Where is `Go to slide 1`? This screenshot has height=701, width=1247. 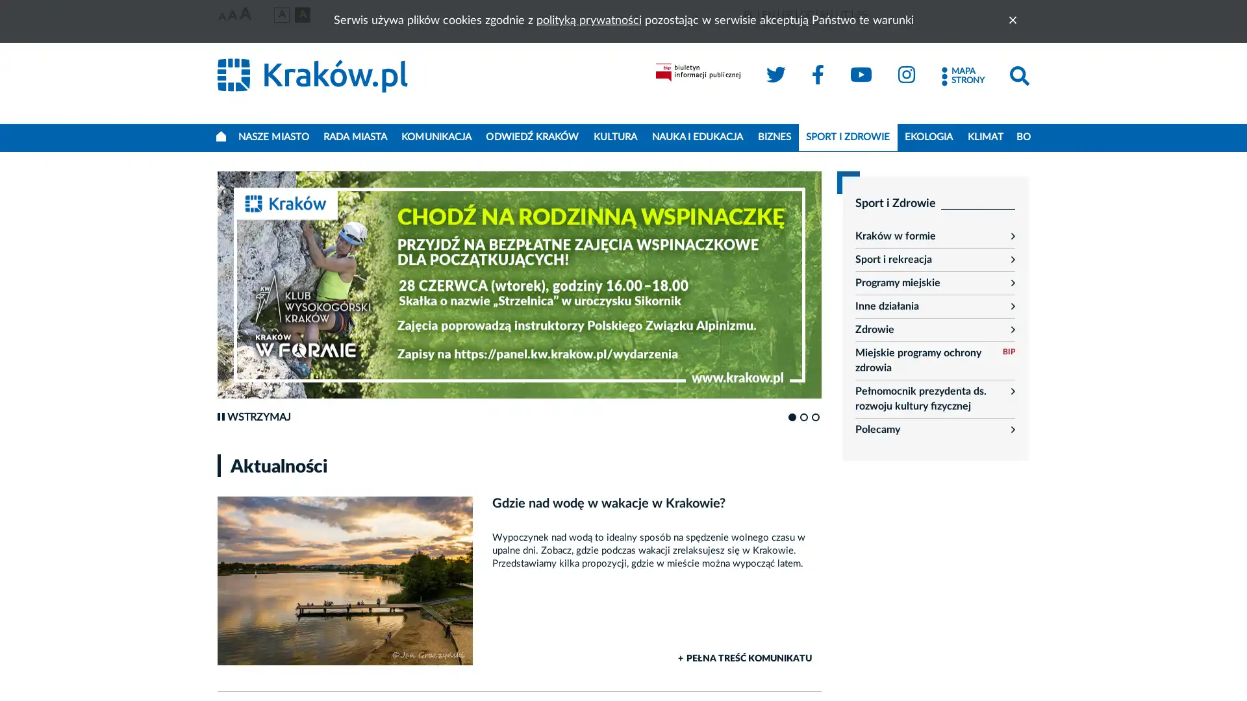
Go to slide 1 is located at coordinates (791, 417).